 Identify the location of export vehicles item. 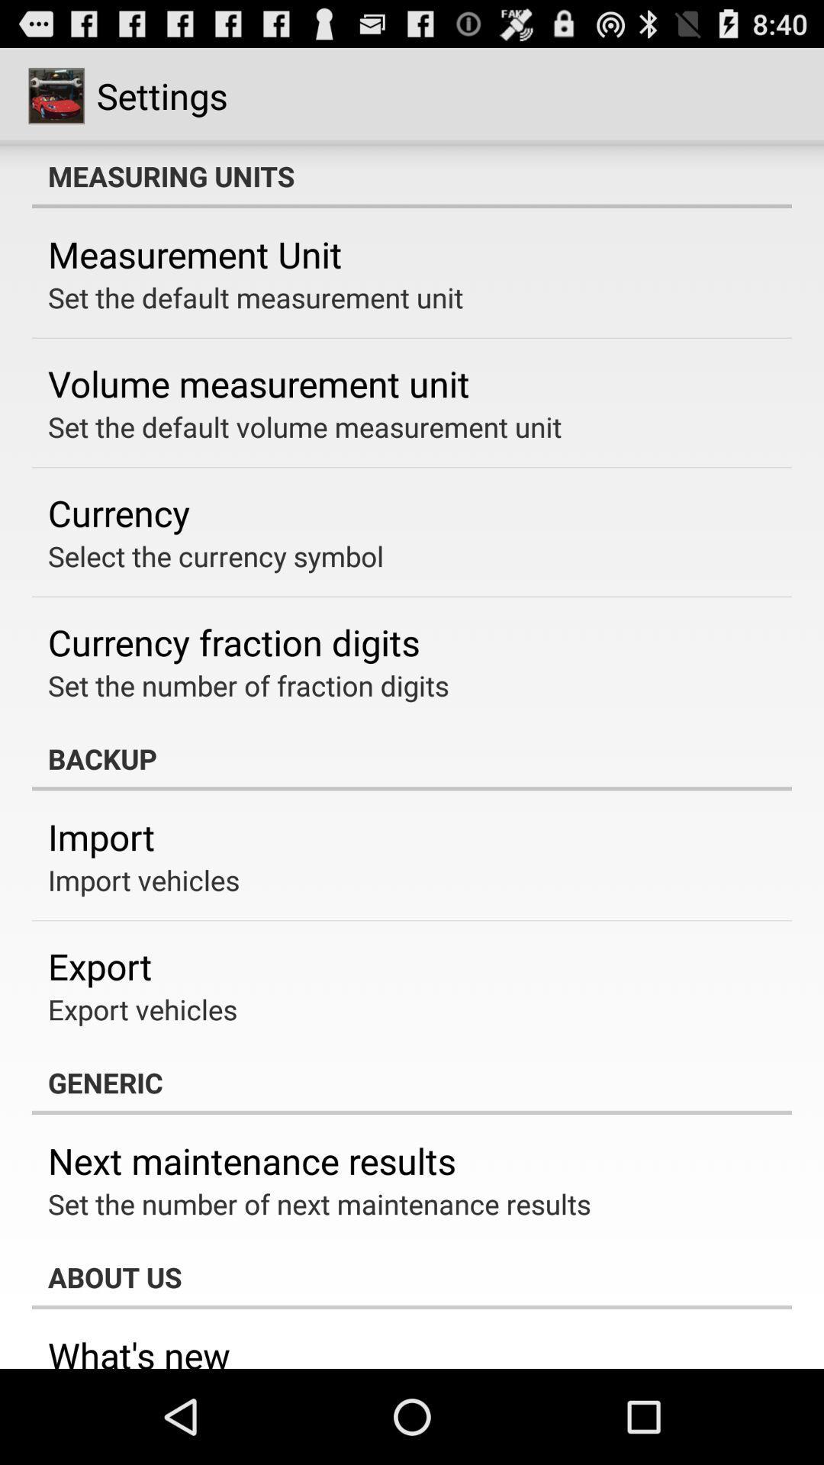
(143, 1009).